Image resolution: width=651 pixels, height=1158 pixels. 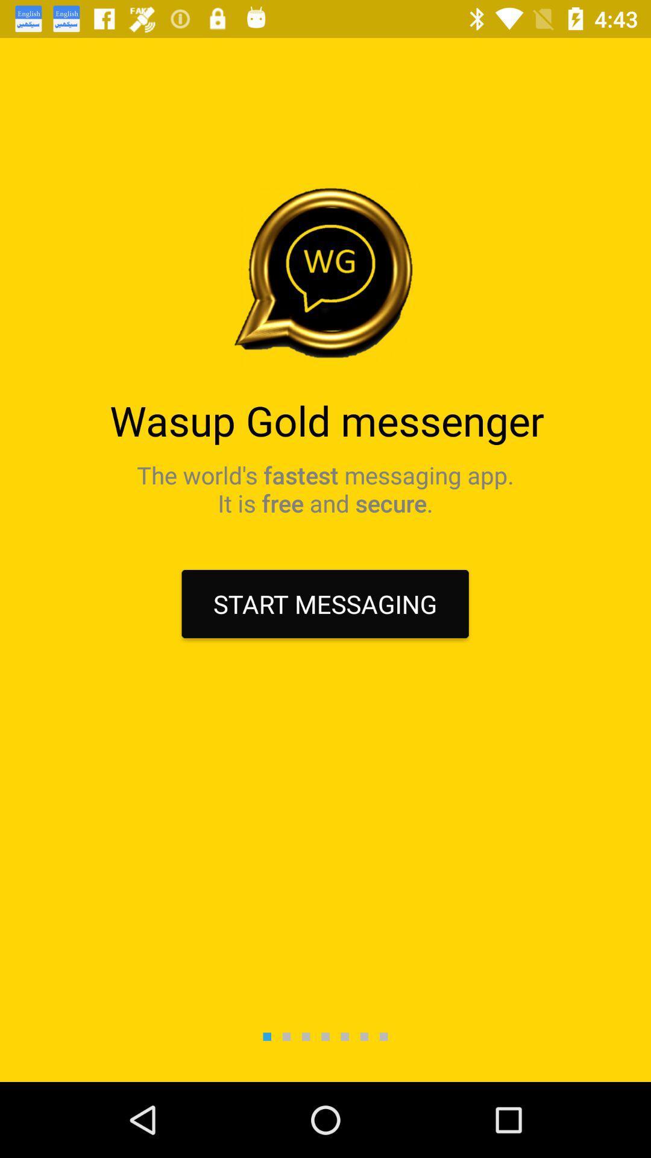 I want to click on icon below the the world s item, so click(x=324, y=604).